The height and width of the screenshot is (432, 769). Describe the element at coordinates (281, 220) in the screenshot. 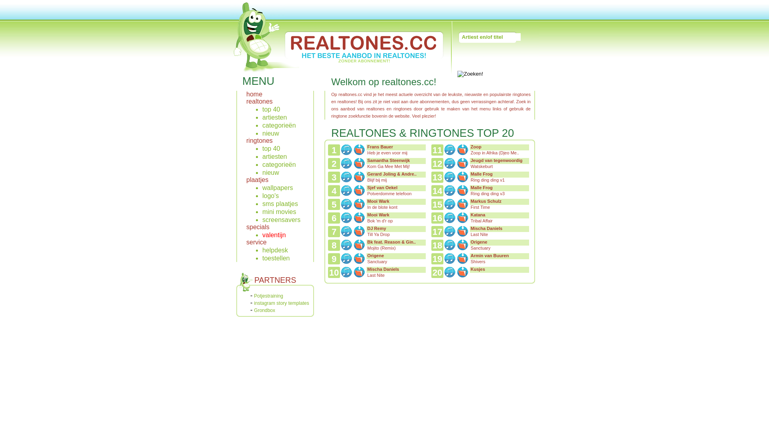

I see `'screensavers'` at that location.